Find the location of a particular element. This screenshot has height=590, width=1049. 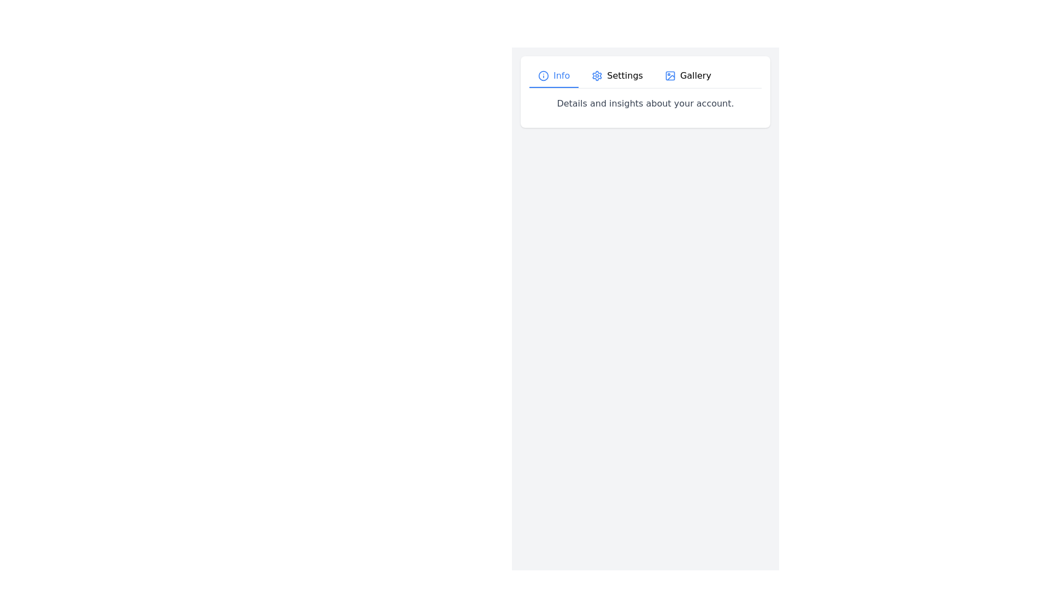

the blue gear-shaped settings icon located in the 'Settings' tab, which is positioned to the left of the 'Settings' text label is located at coordinates (597, 75).